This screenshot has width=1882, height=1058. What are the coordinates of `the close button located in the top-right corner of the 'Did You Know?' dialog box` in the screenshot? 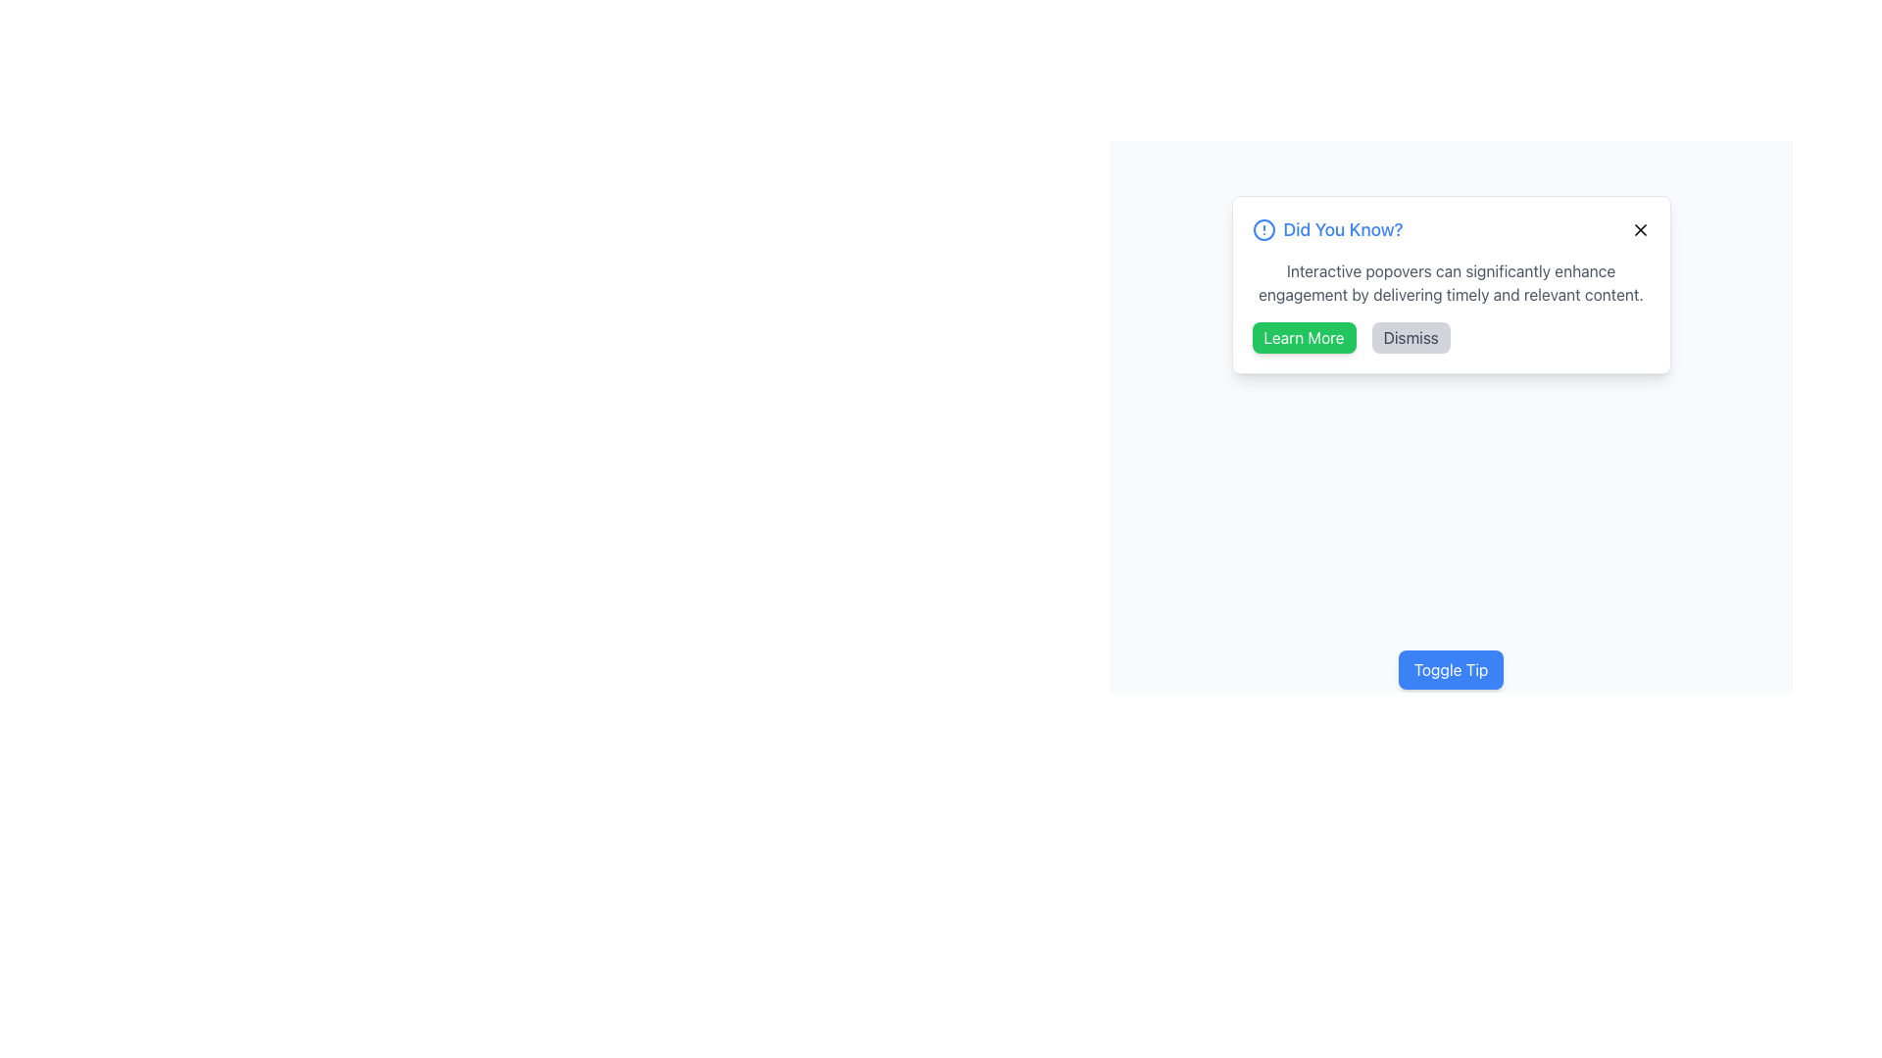 It's located at (1640, 229).